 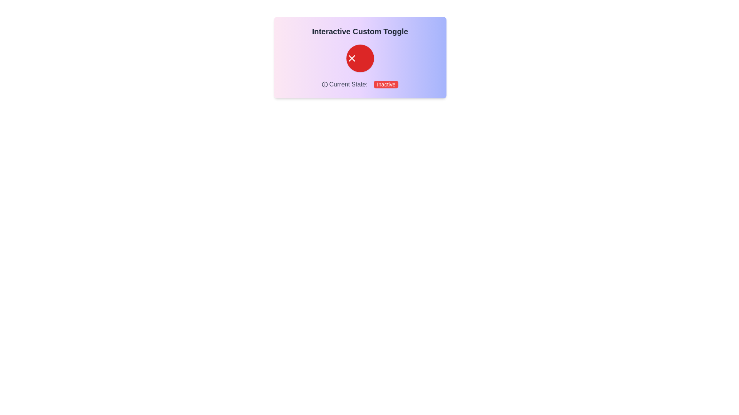 What do you see at coordinates (344, 84) in the screenshot?
I see `the text label that reads 'Current State:', which is styled in medium gray and positioned to the left of the 'Inactive' label, near an icon on the left` at bounding box center [344, 84].